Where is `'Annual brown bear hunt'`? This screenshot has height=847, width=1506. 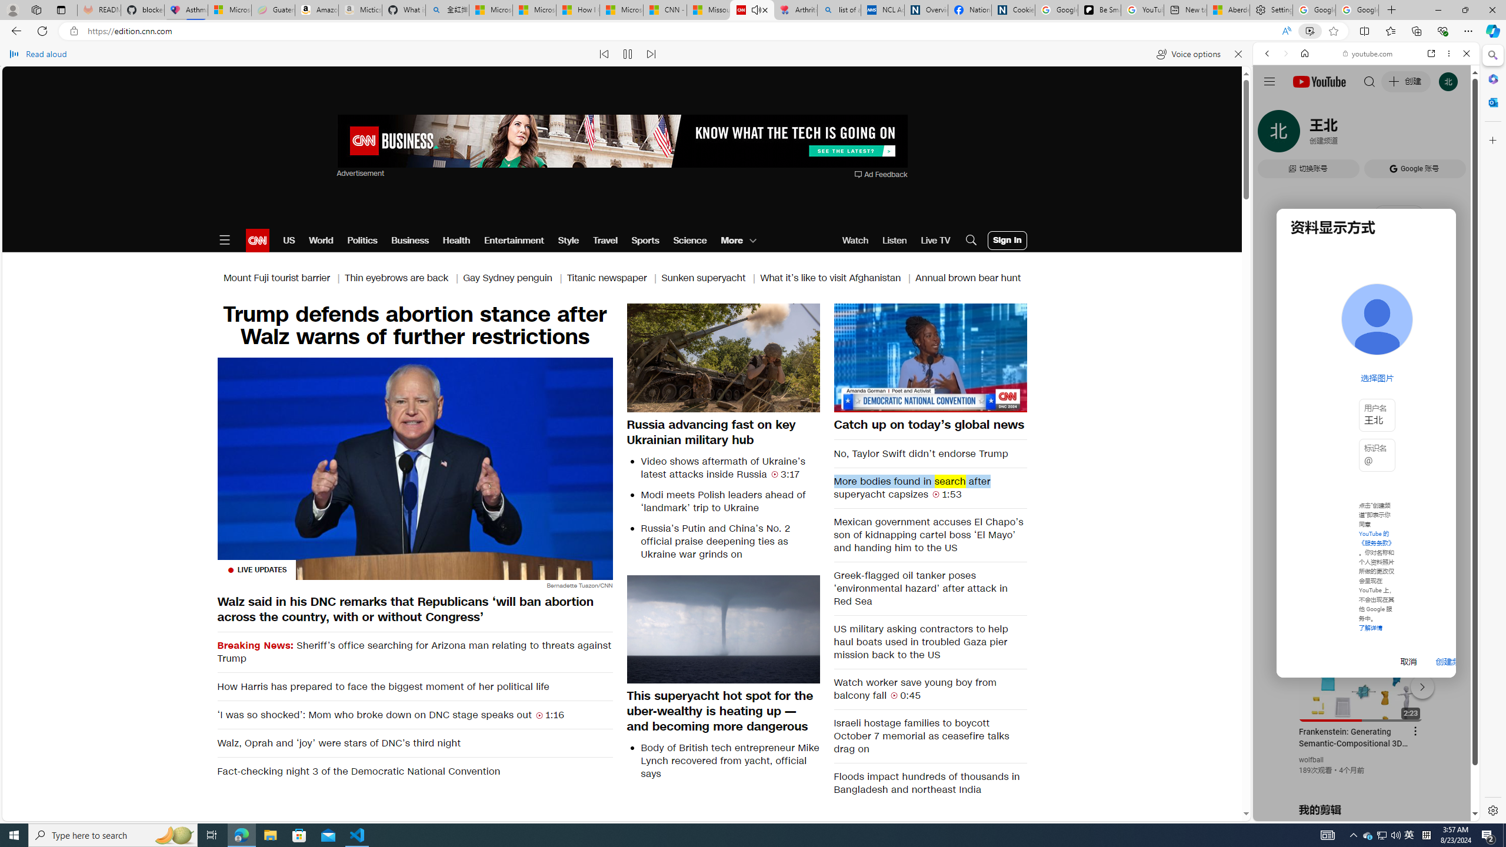
'Annual brown bear hunt' is located at coordinates (968, 277).